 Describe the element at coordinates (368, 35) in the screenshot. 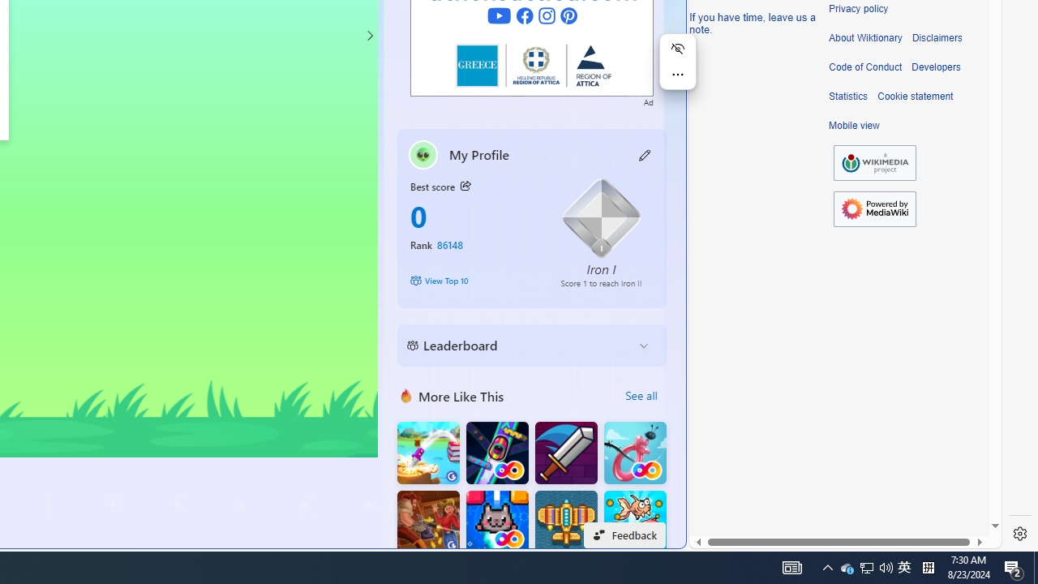

I see `'Class: control'` at that location.